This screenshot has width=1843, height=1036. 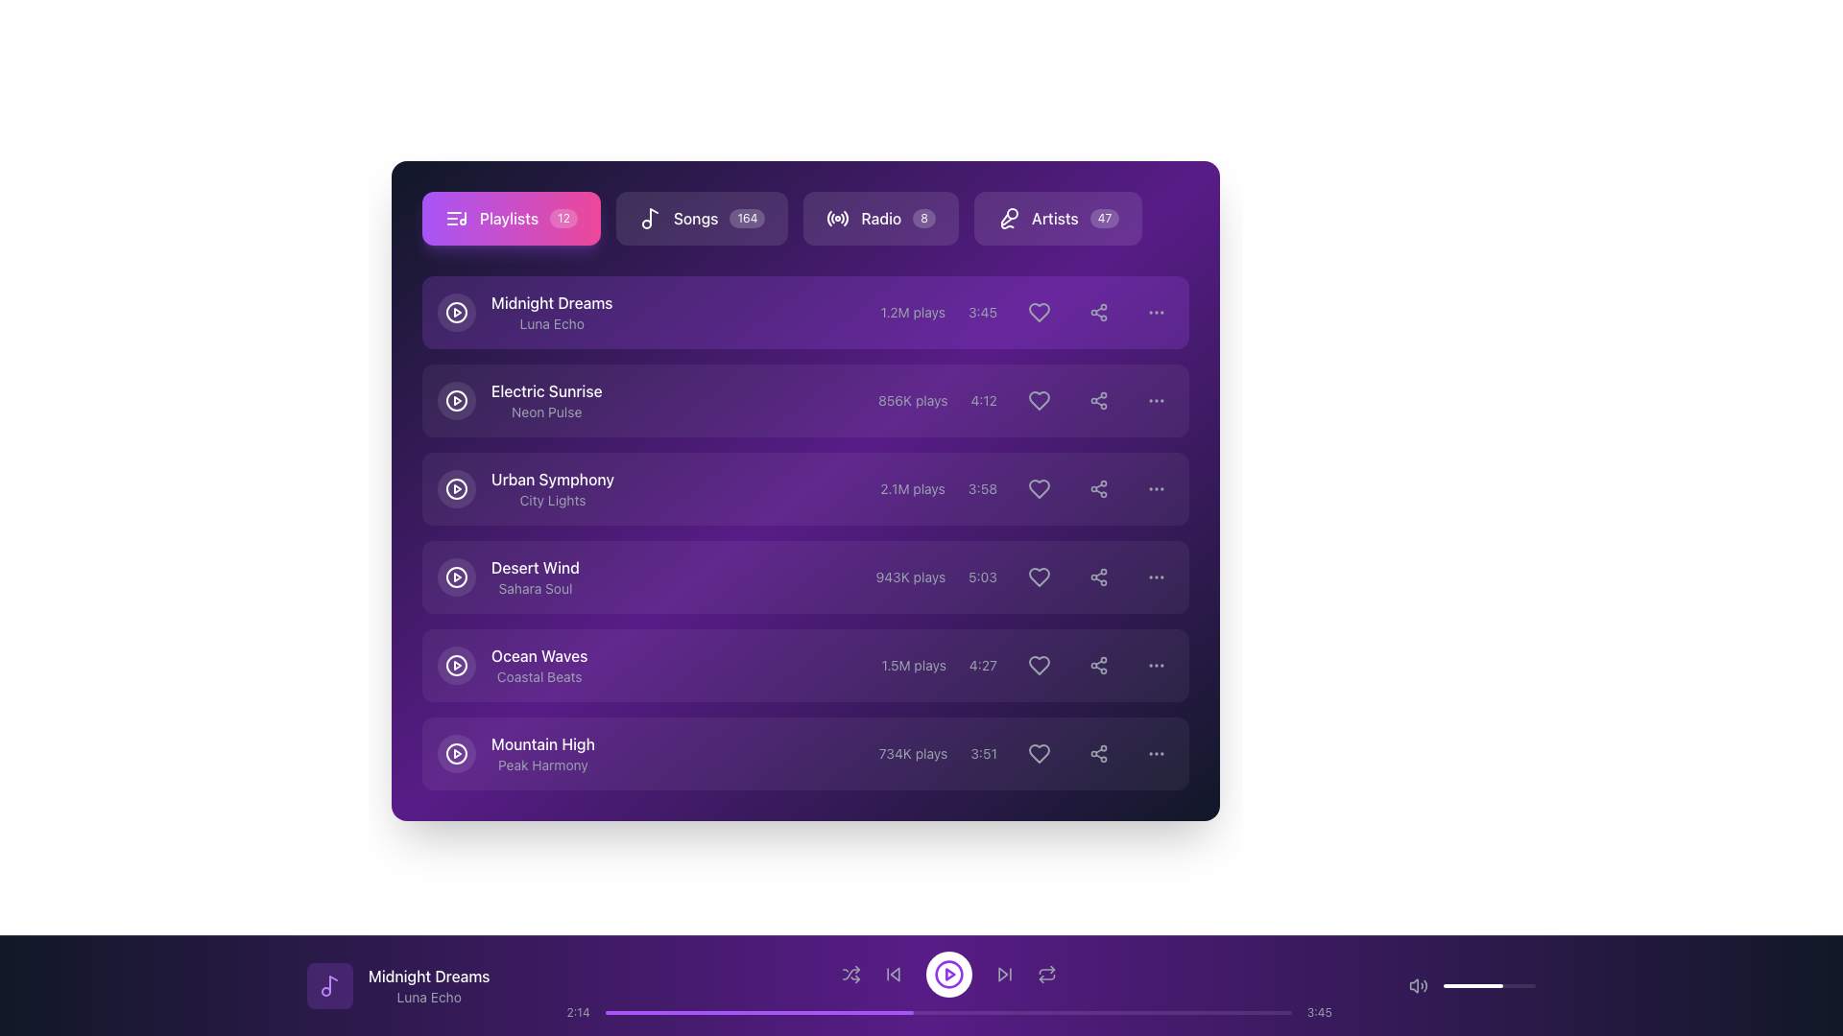 What do you see at coordinates (880, 217) in the screenshot?
I see `the 'Radio' navigation button label, which is the third button from the left in the navigation bar, positioned between 'Songs' and 'Artists'` at bounding box center [880, 217].